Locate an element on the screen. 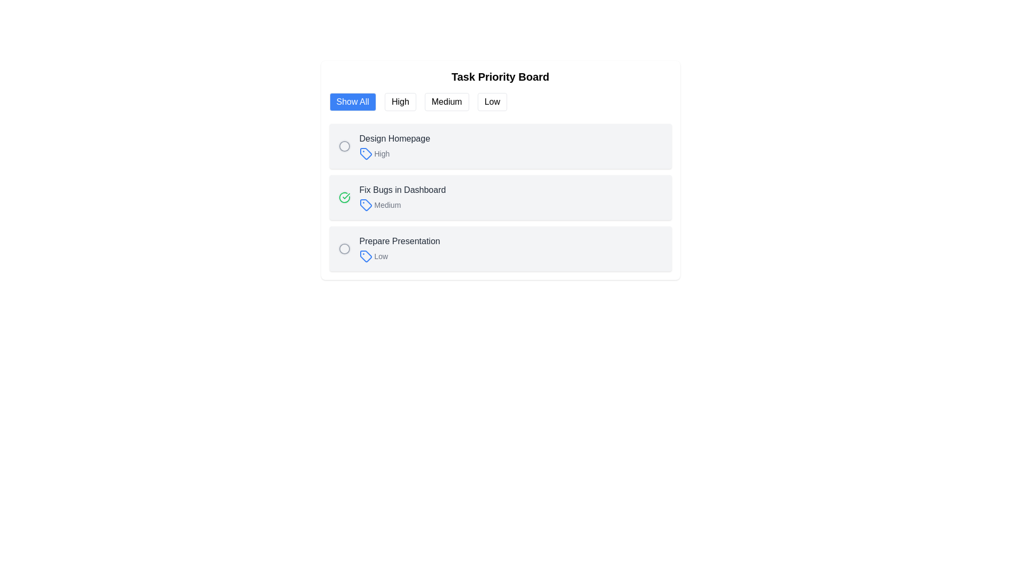 Image resolution: width=1026 pixels, height=577 pixels. the circular button with a gray border and a centered hollow circle icon, located in the first task item under 'Design Homepage' in the task priority board is located at coordinates (344, 146).